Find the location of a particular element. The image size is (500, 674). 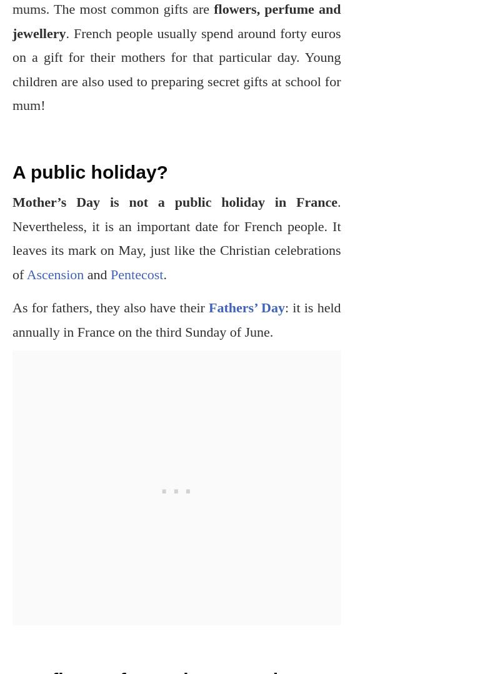

': it is held annually in France on the third Sunday of June.' is located at coordinates (176, 319).